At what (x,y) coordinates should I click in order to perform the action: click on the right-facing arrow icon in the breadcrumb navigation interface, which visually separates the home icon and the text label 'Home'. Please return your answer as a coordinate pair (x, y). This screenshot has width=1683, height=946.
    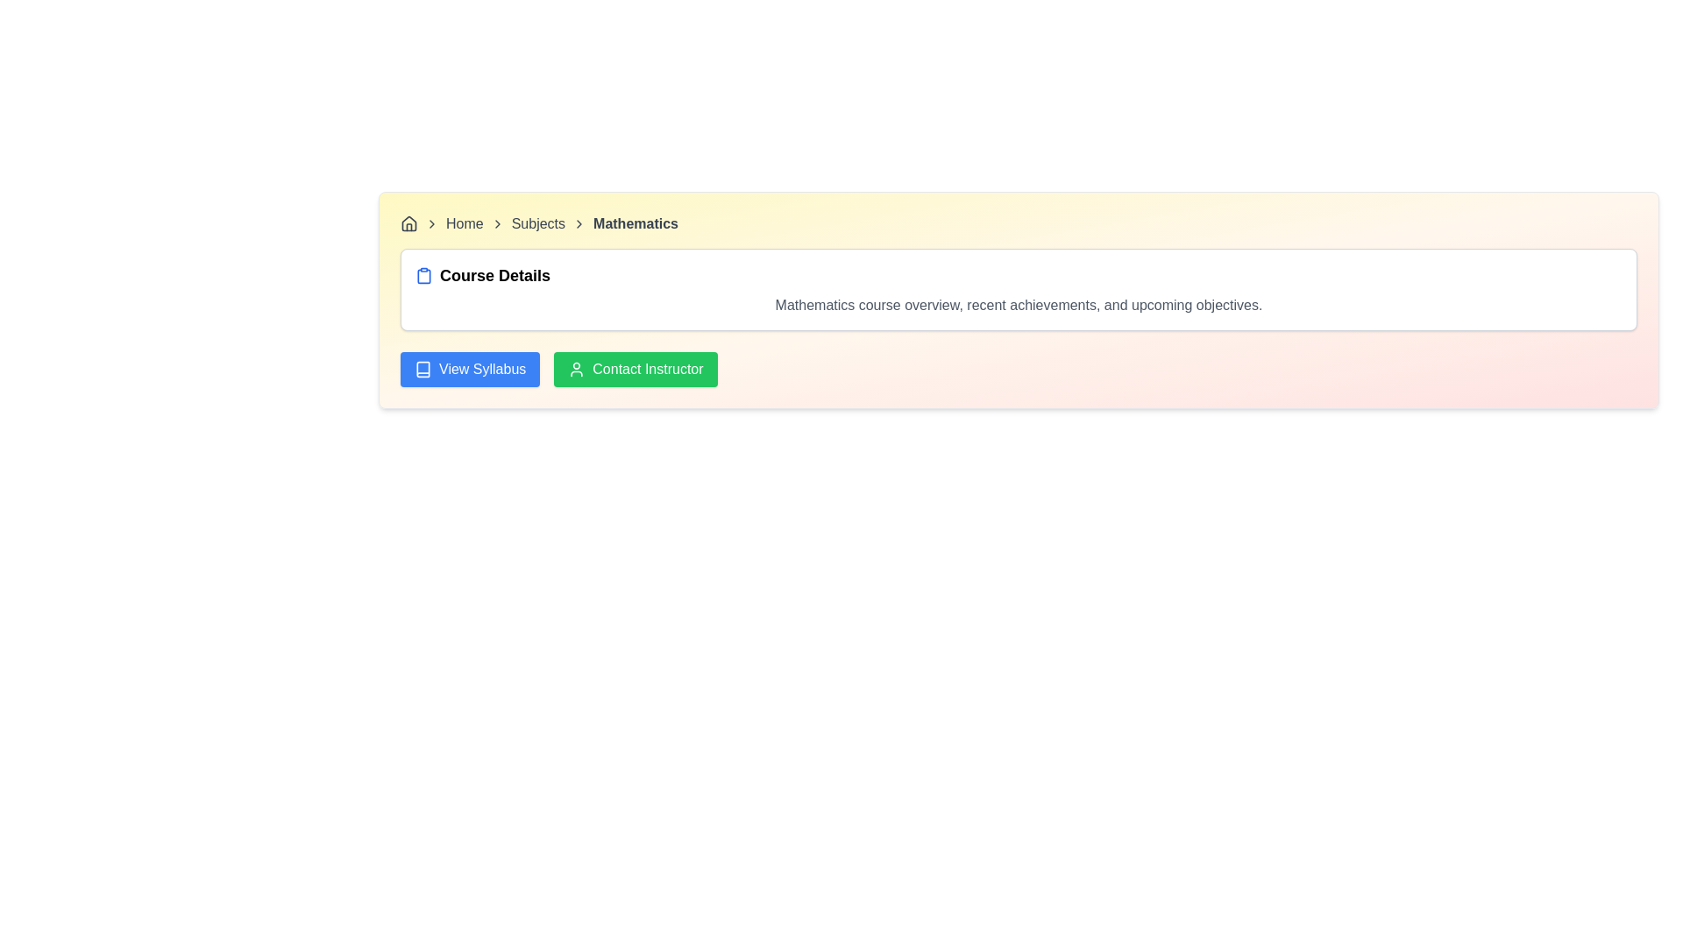
    Looking at the image, I should click on (432, 222).